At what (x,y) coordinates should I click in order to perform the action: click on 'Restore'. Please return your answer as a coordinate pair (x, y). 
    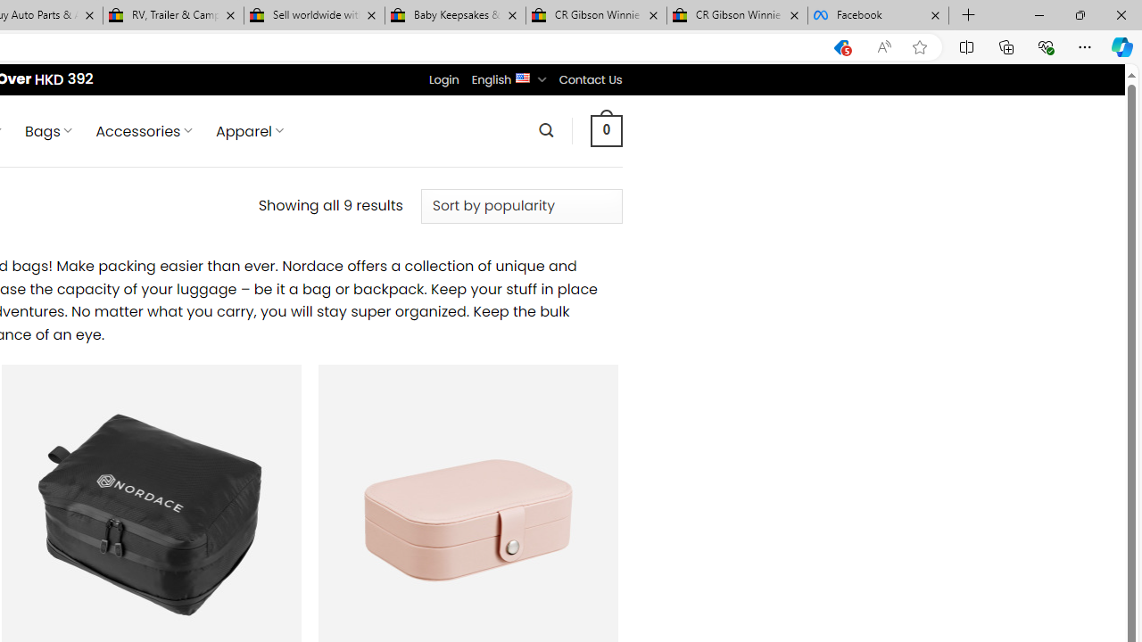
    Looking at the image, I should click on (1079, 14).